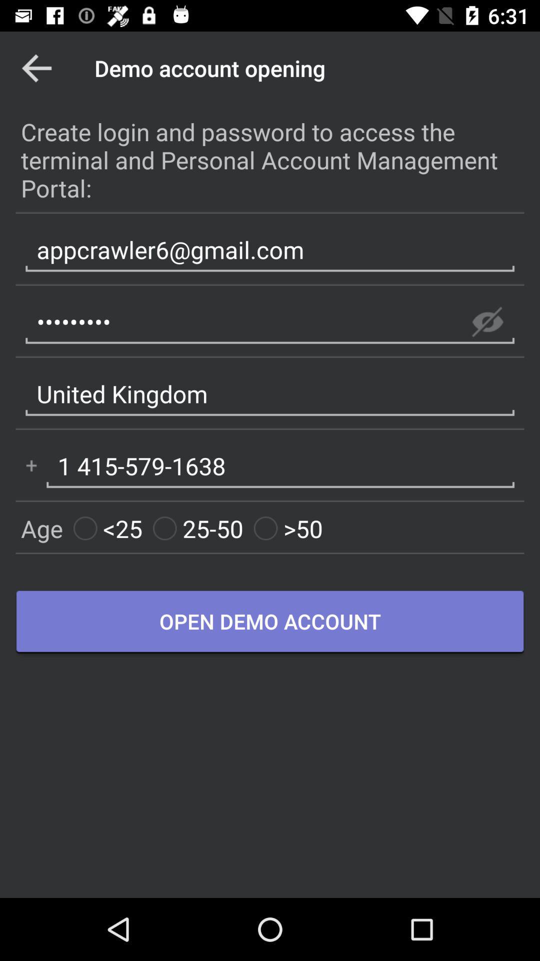 This screenshot has height=961, width=540. What do you see at coordinates (270, 250) in the screenshot?
I see `appcrawler6@gmail.com item` at bounding box center [270, 250].